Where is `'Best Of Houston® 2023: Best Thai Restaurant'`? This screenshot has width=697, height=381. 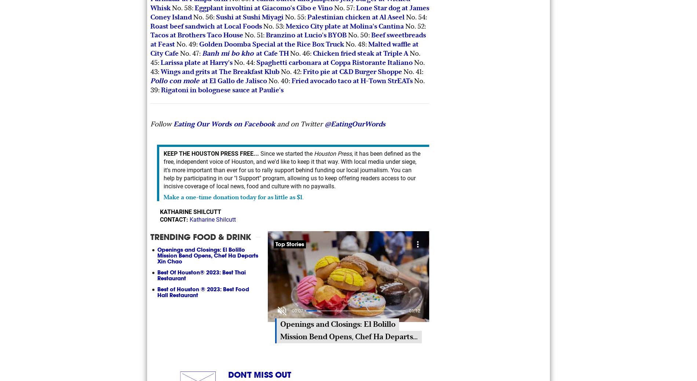 'Best Of Houston® 2023: Best Thai Restaurant' is located at coordinates (201, 275).